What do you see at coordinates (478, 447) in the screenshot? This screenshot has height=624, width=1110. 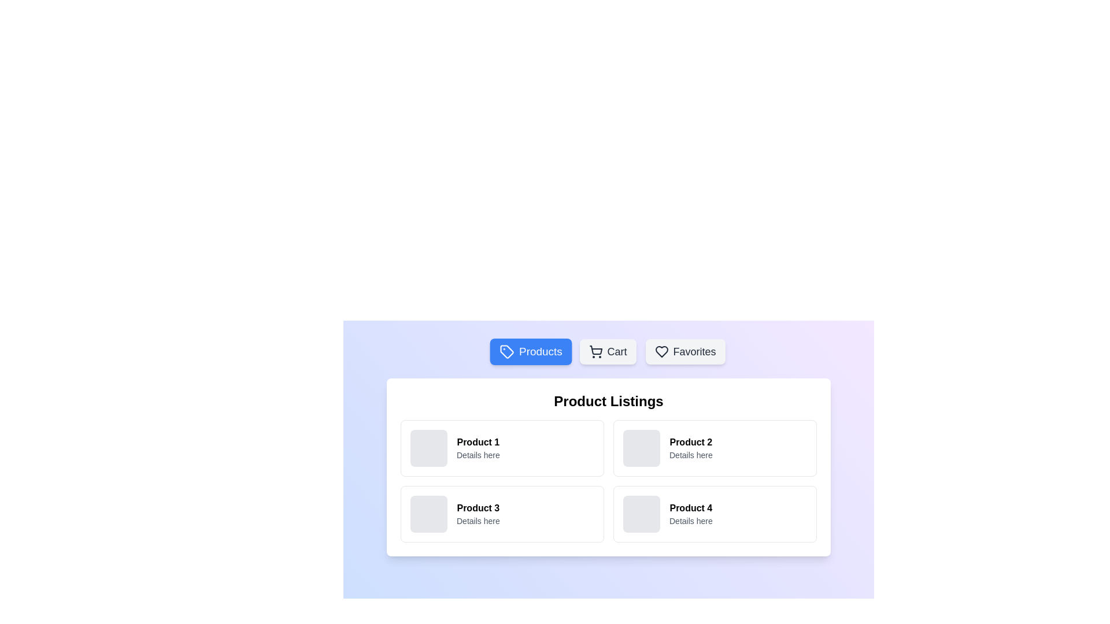 I see `the textual component that provides the title and description of the product, located in the top-left corner of the first product card in the 'Product Listings' grid` at bounding box center [478, 447].